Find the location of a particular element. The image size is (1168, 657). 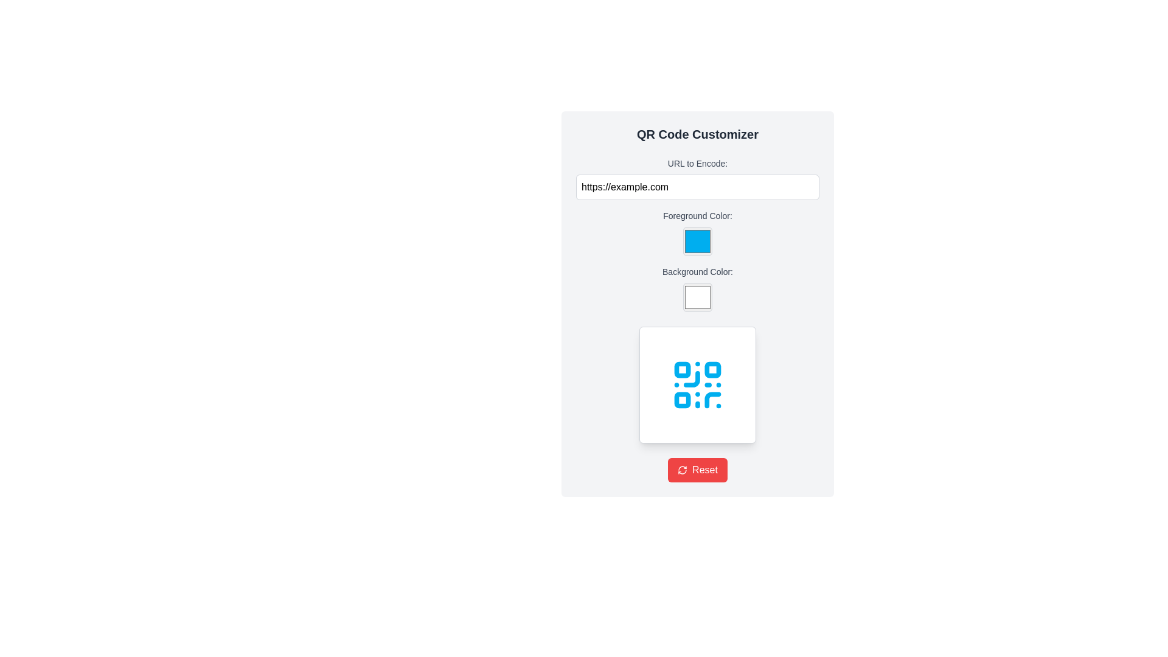

the circular arrow icon indicating refresh, located to the left of the 'Reset' button at the bottom of the interface is located at coordinates (683, 469).